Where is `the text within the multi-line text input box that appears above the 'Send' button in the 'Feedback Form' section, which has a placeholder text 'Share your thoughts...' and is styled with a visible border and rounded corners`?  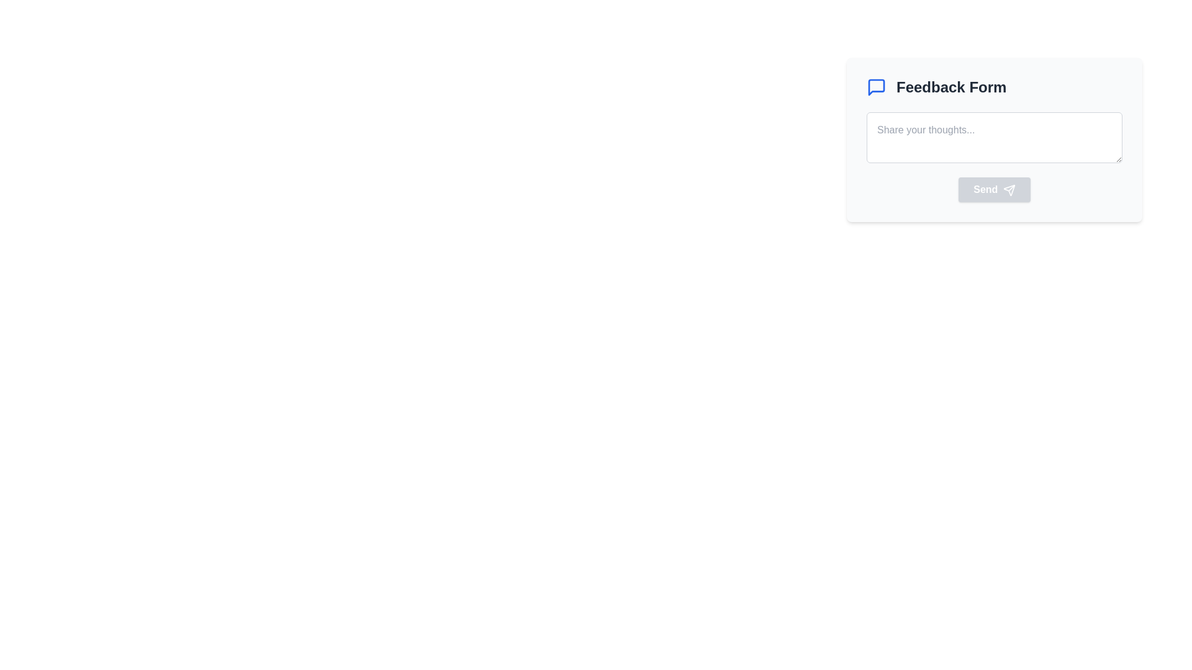 the text within the multi-line text input box that appears above the 'Send' button in the 'Feedback Form' section, which has a placeholder text 'Share your thoughts...' and is styled with a visible border and rounded corners is located at coordinates (995, 156).